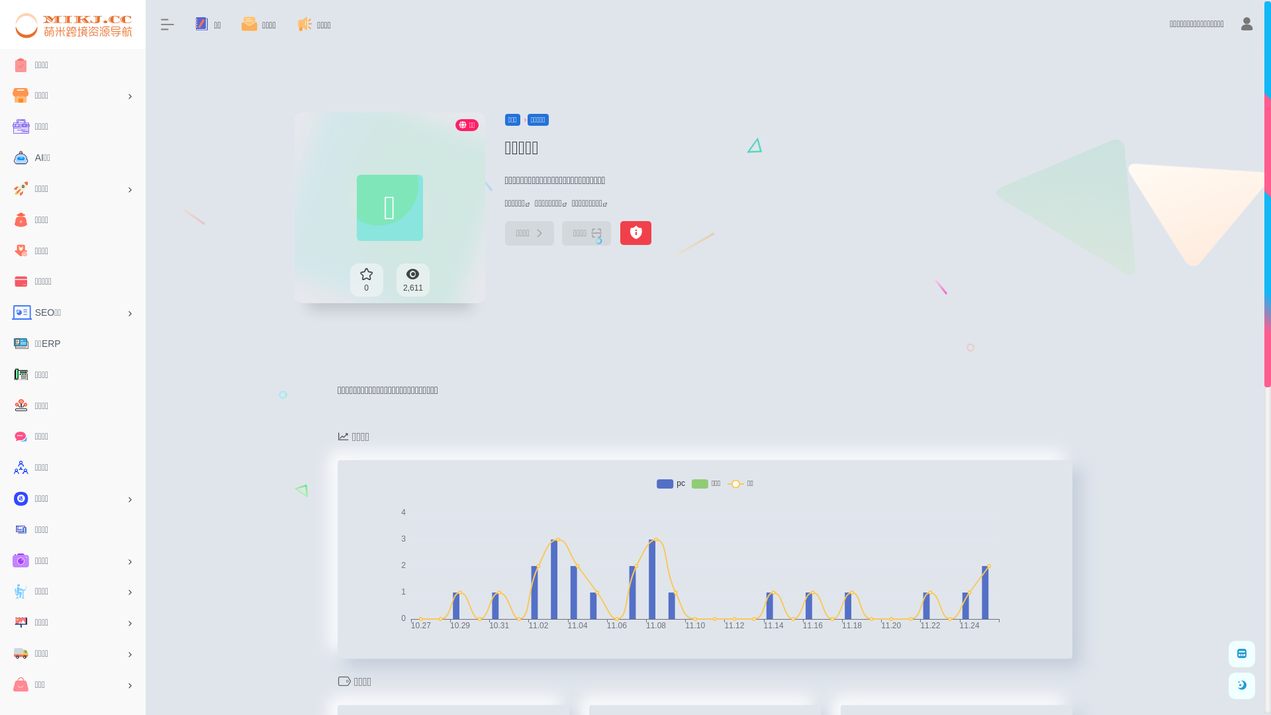 This screenshot has height=715, width=1271. What do you see at coordinates (366, 279) in the screenshot?
I see `'0'` at bounding box center [366, 279].